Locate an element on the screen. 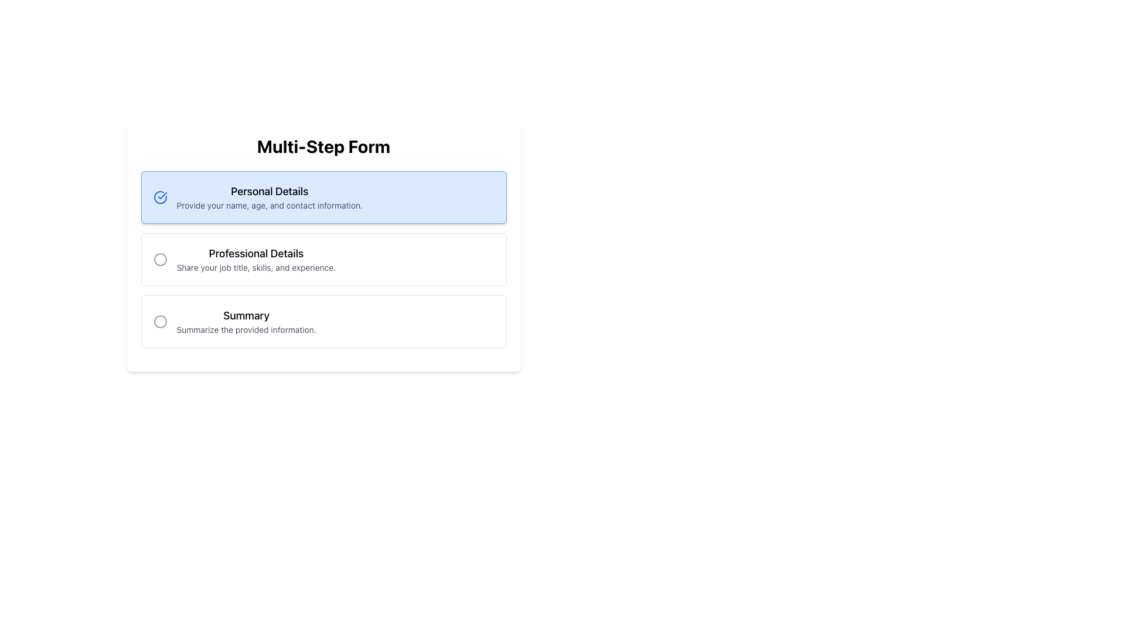  the icon that marks the 'Summary' section of the multi-step form, located inset to the left of the accompanying description text is located at coordinates (159, 321).